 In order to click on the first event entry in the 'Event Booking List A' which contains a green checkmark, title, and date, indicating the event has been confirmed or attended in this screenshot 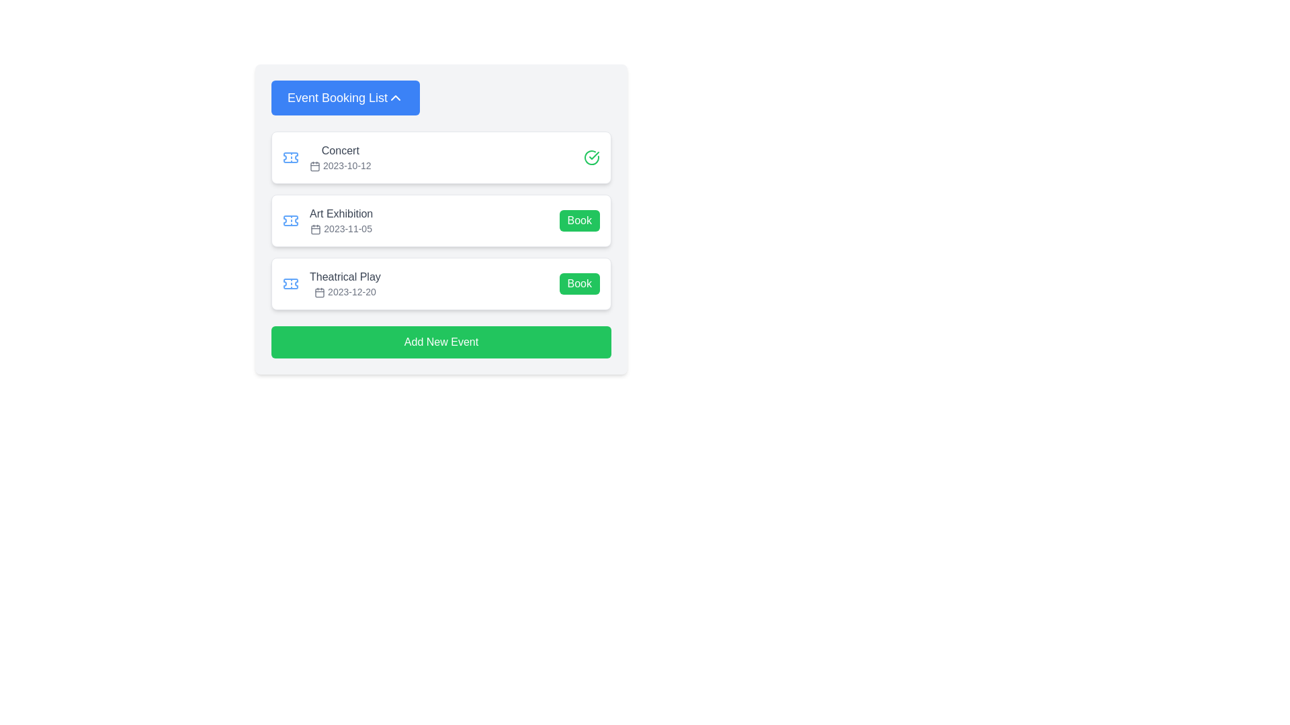, I will do `click(441, 157)`.